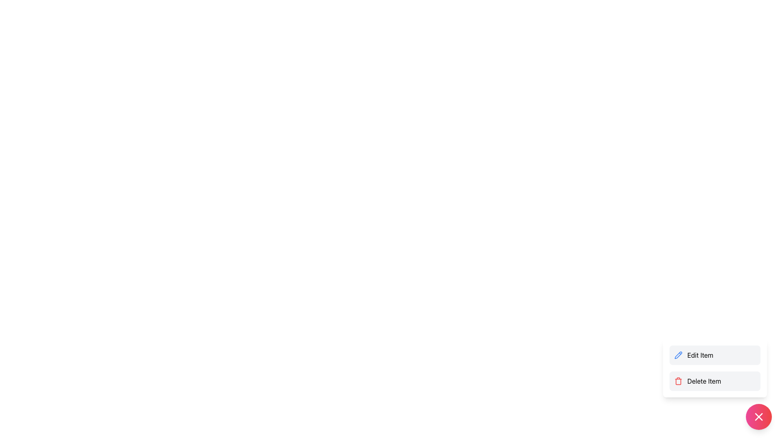 This screenshot has height=438, width=780. What do you see at coordinates (758, 417) in the screenshot?
I see `the close or cancel button` at bounding box center [758, 417].